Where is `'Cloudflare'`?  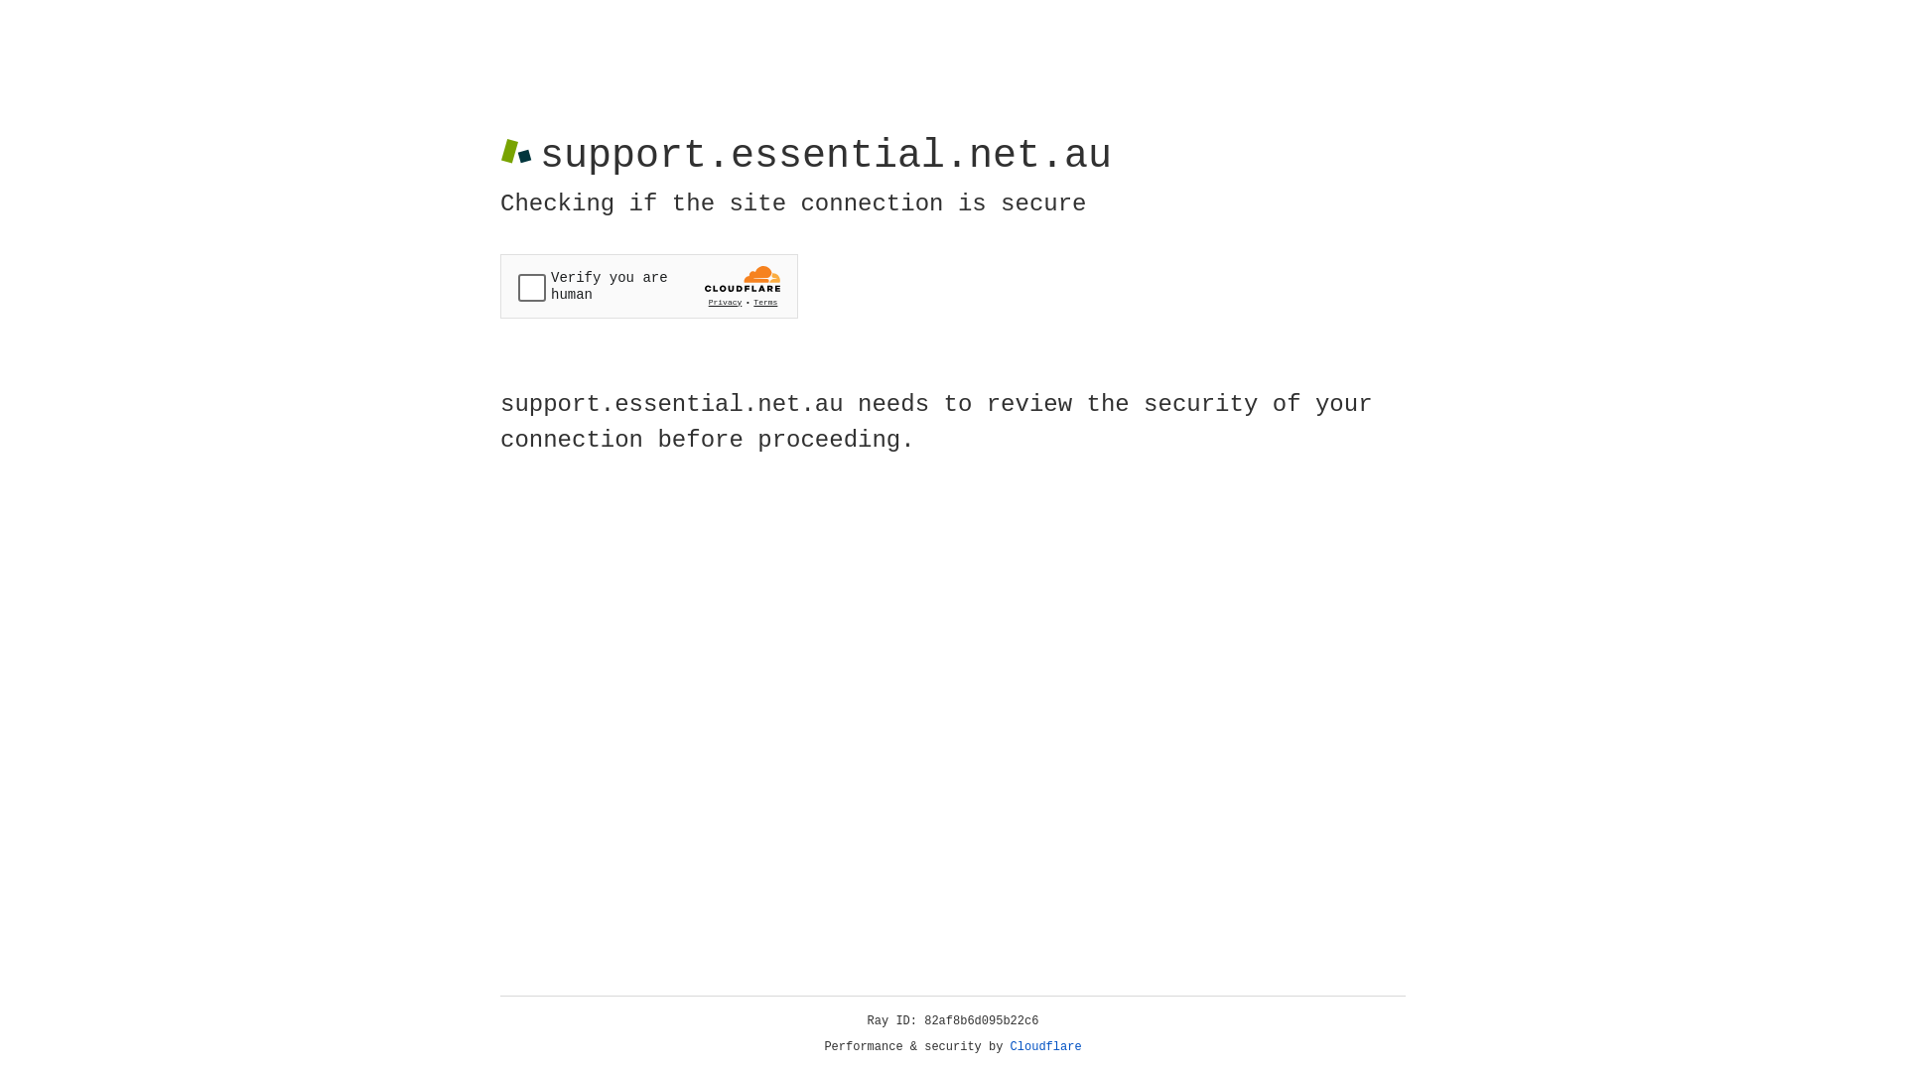 'Cloudflare' is located at coordinates (1045, 1046).